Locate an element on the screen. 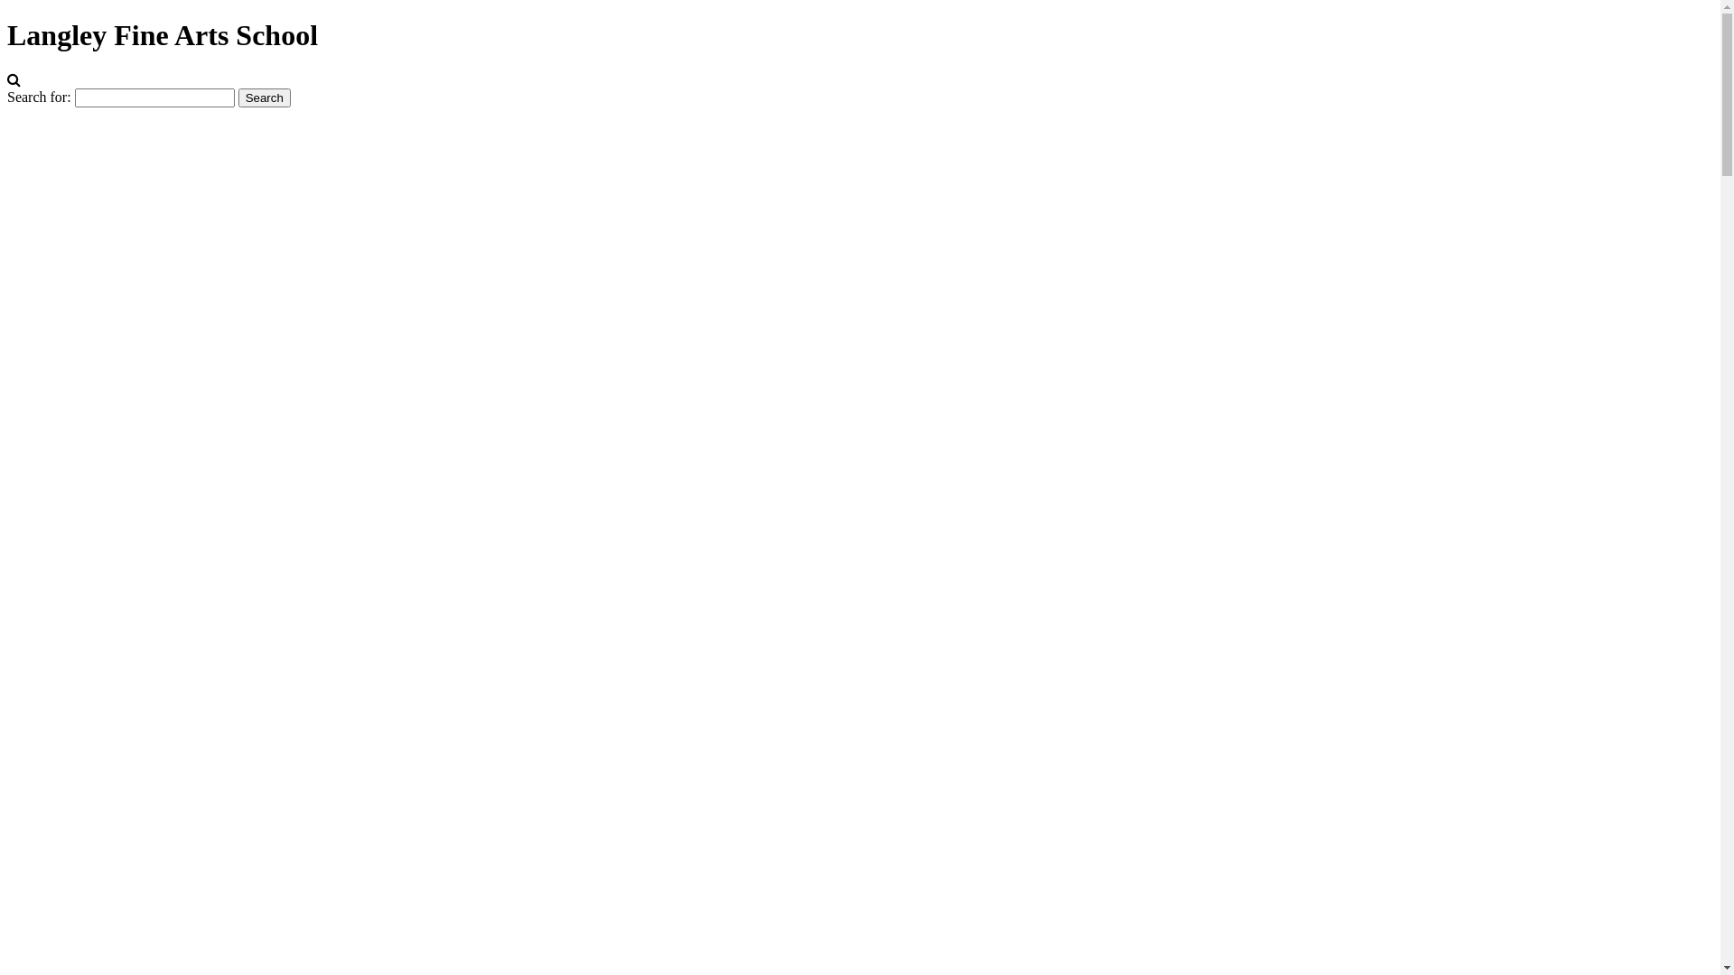 This screenshot has height=975, width=1734. 'Search' is located at coordinates (263, 97).